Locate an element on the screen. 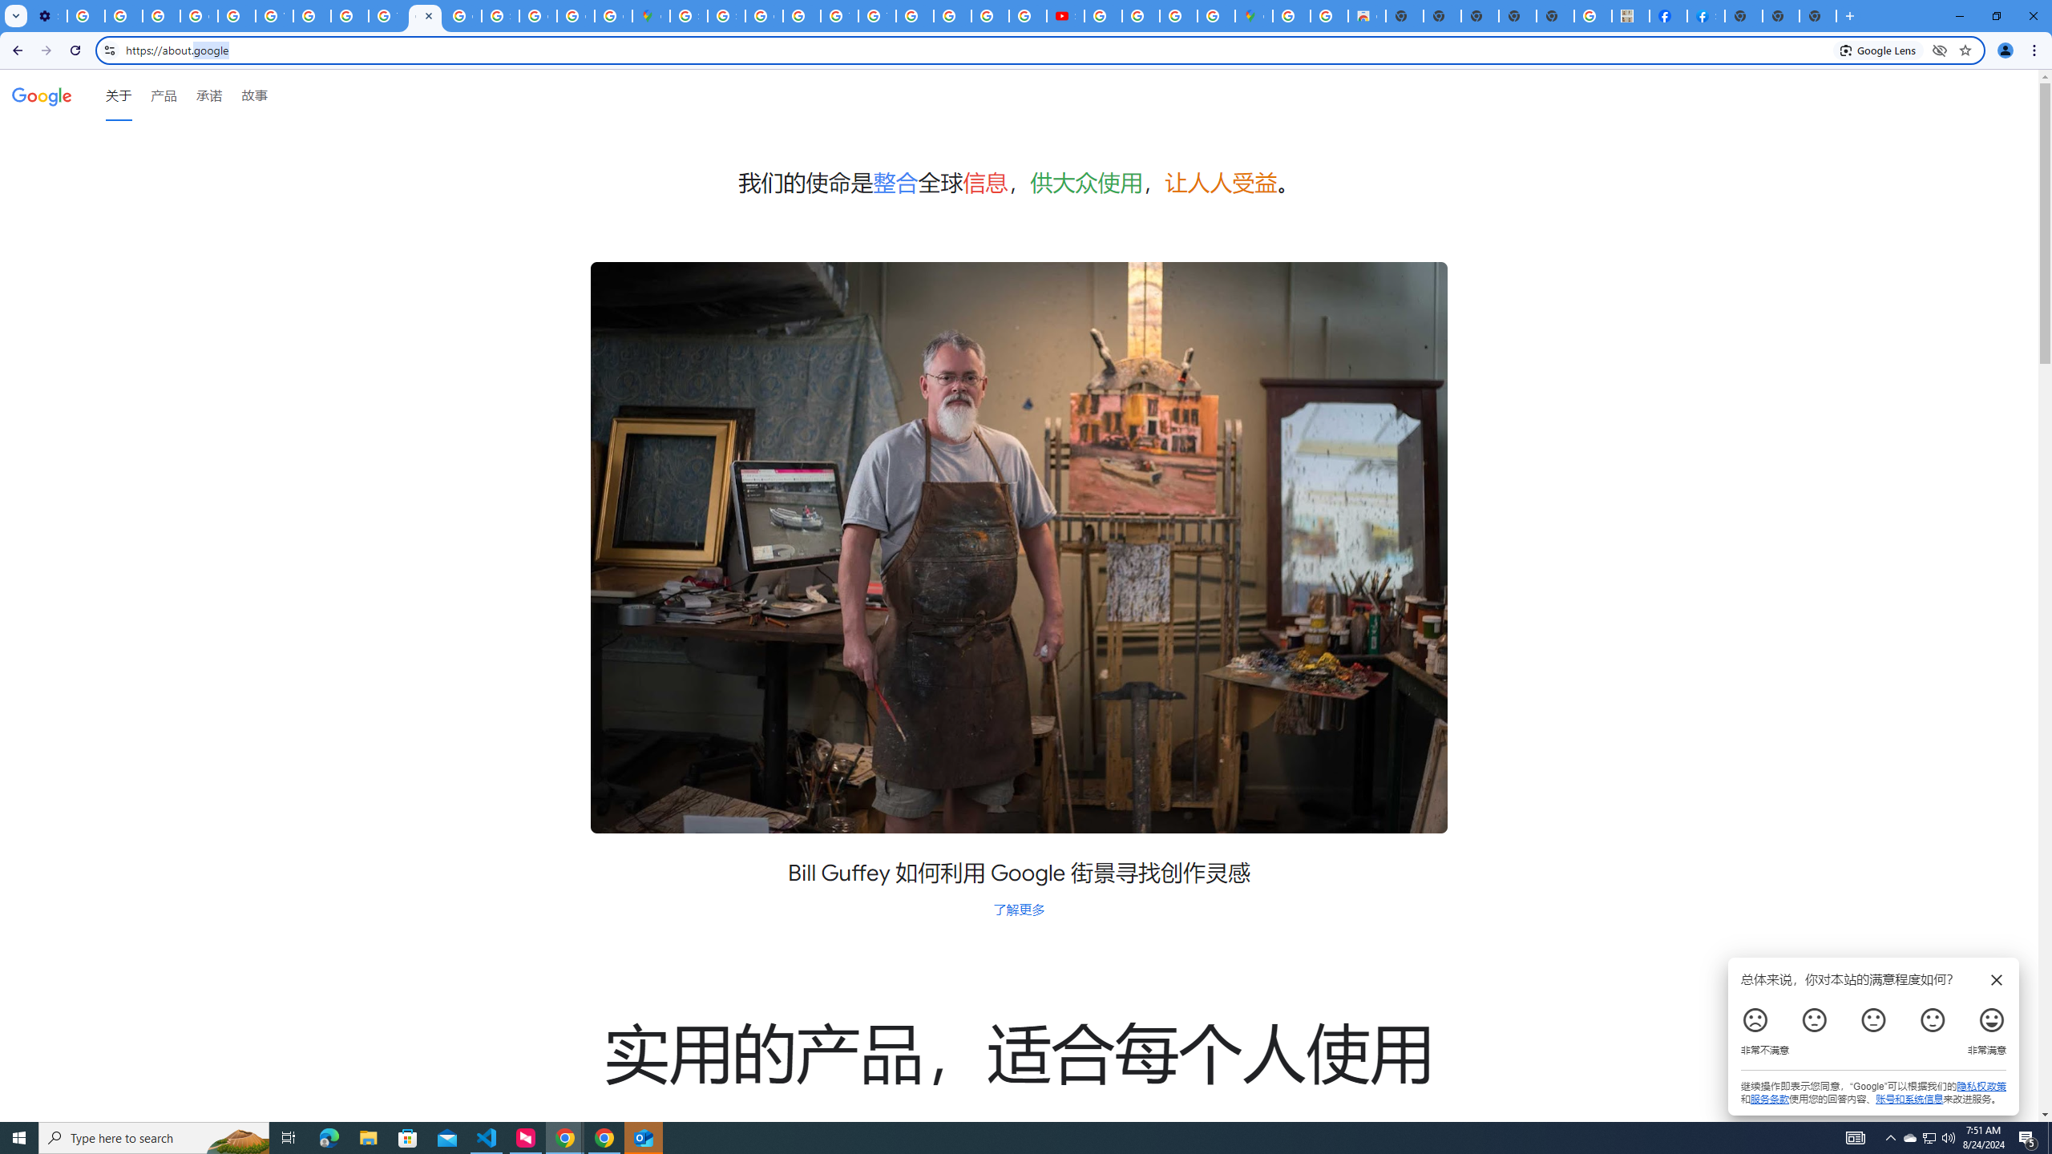  'New Tab' is located at coordinates (1742, 15).